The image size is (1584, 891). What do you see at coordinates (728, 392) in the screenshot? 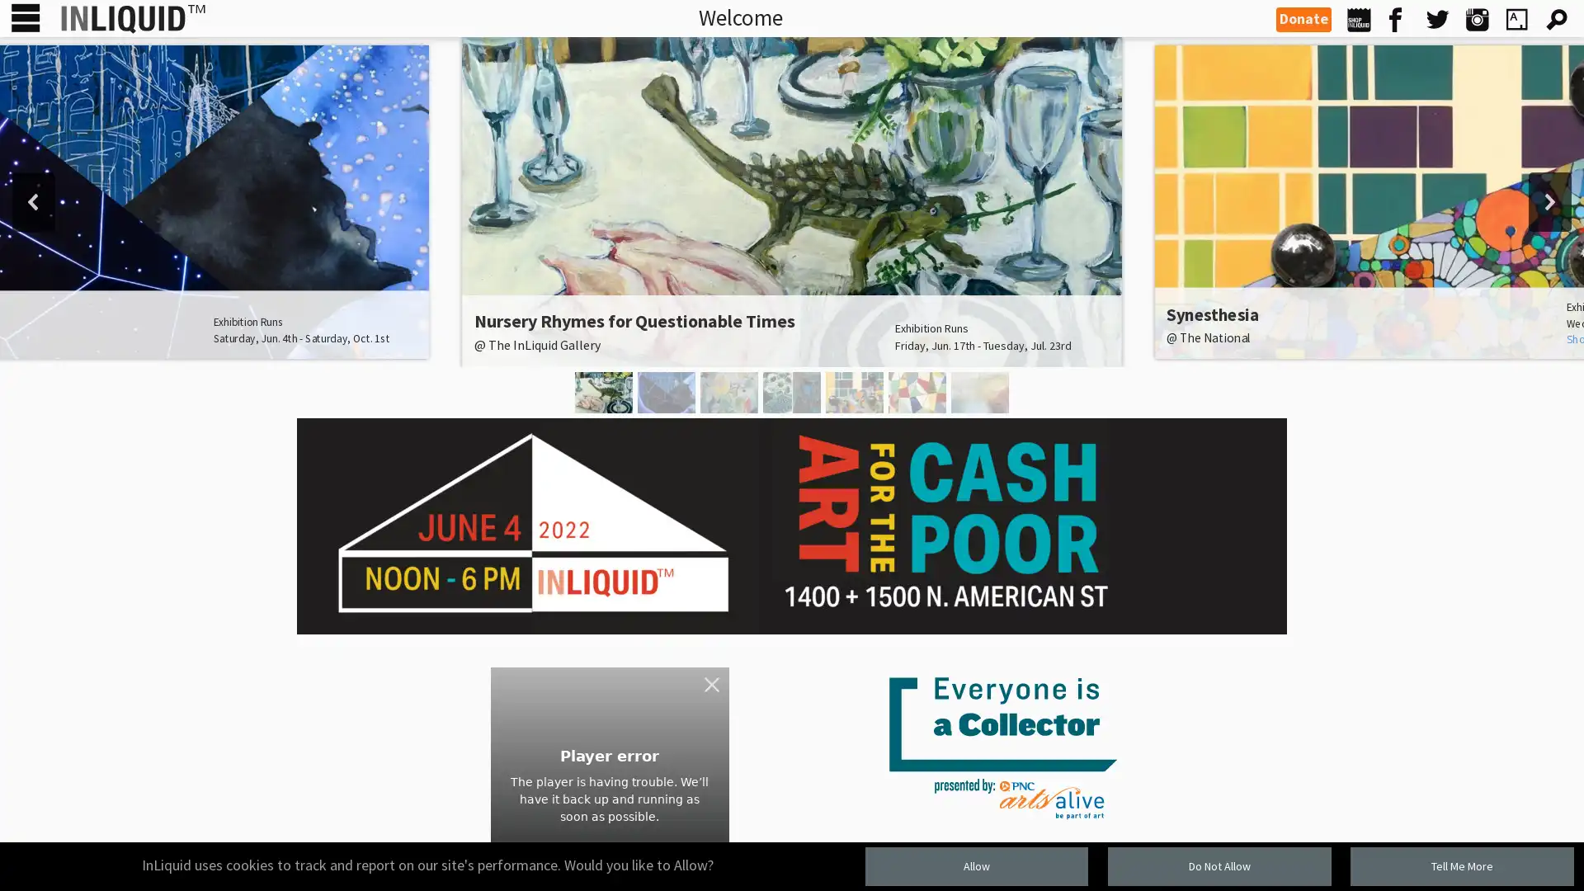
I see `idyll` at bounding box center [728, 392].